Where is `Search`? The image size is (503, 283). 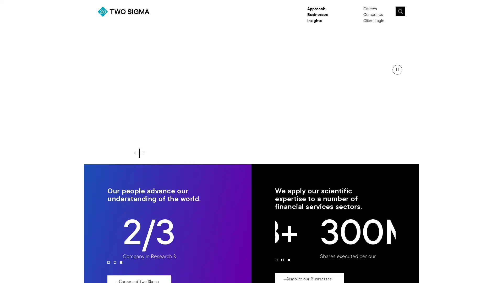
Search is located at coordinates (400, 11).